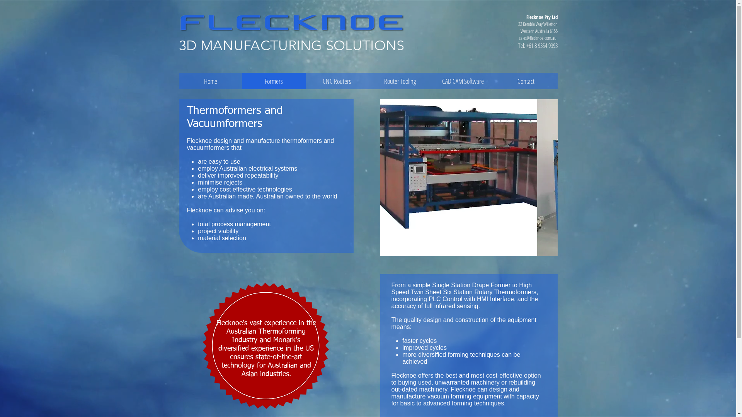 Image resolution: width=742 pixels, height=417 pixels. I want to click on 'Formers', so click(274, 81).